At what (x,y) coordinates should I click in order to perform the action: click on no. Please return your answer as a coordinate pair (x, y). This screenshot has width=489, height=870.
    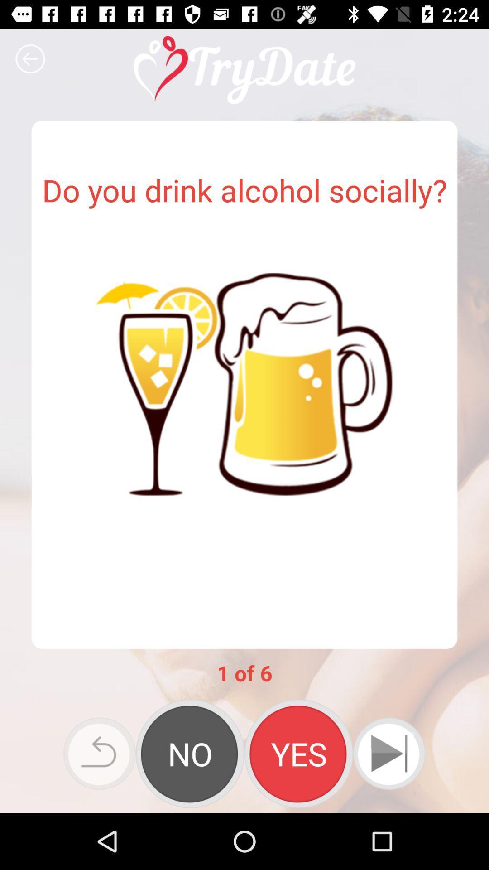
    Looking at the image, I should click on (190, 754).